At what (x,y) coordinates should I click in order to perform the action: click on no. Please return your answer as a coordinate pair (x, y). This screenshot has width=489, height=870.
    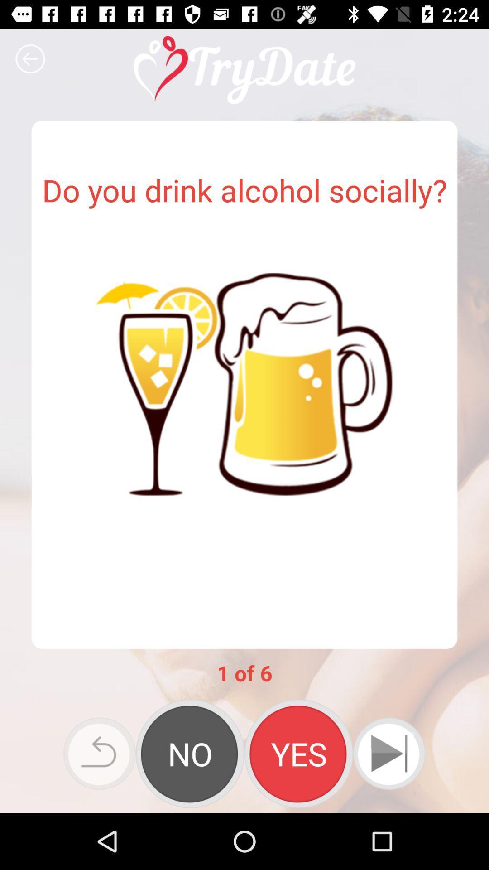
    Looking at the image, I should click on (190, 754).